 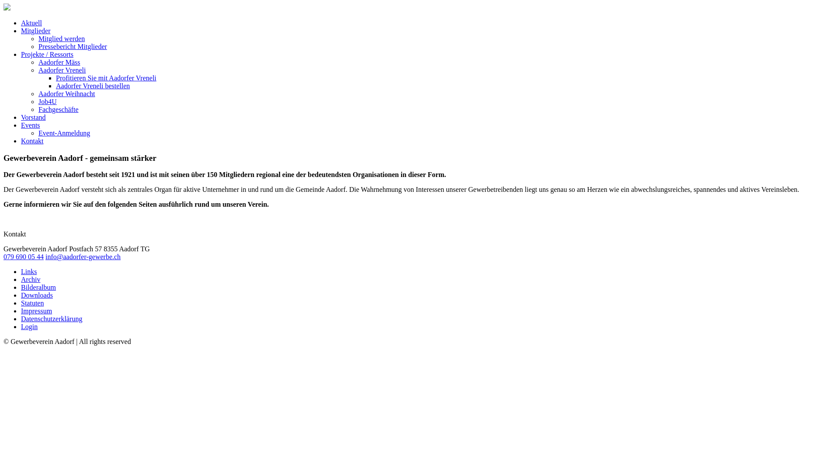 What do you see at coordinates (31, 279) in the screenshot?
I see `'Archiv'` at bounding box center [31, 279].